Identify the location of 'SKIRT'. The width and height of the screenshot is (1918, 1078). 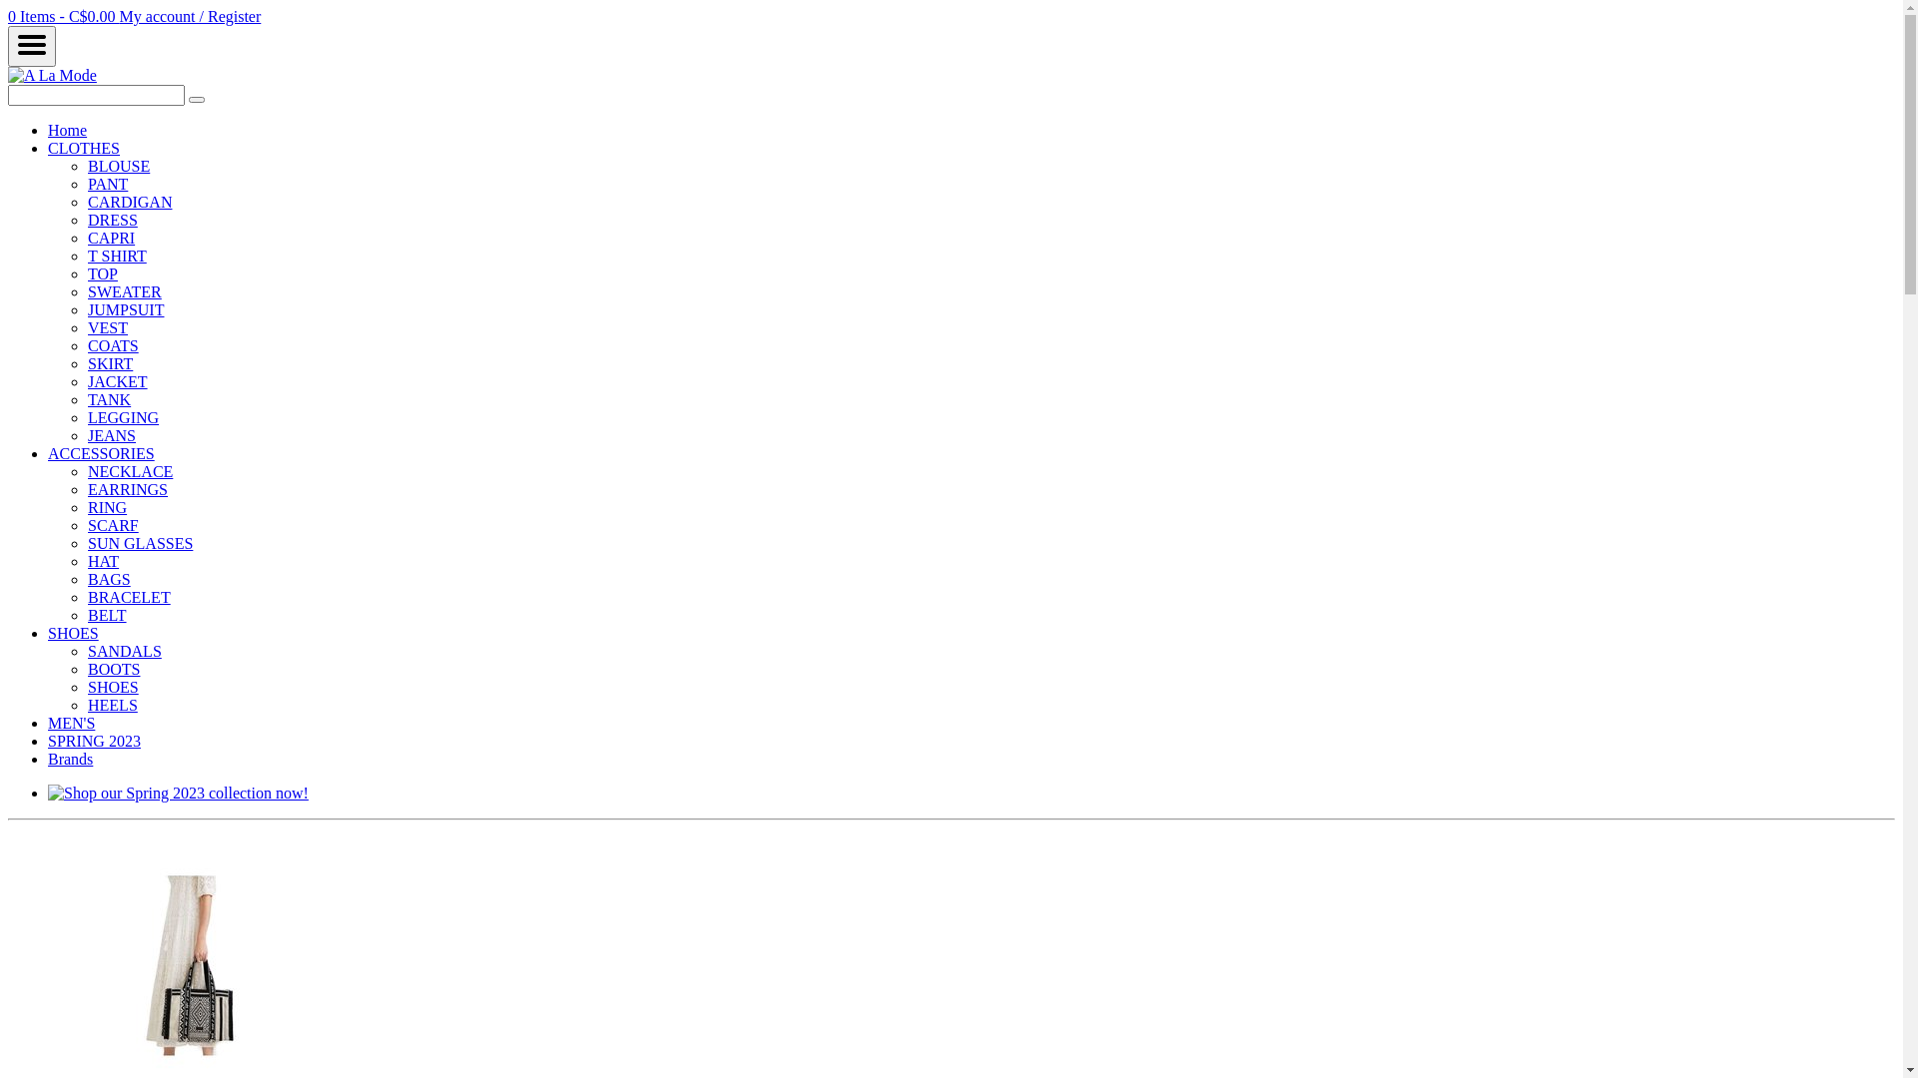
(109, 363).